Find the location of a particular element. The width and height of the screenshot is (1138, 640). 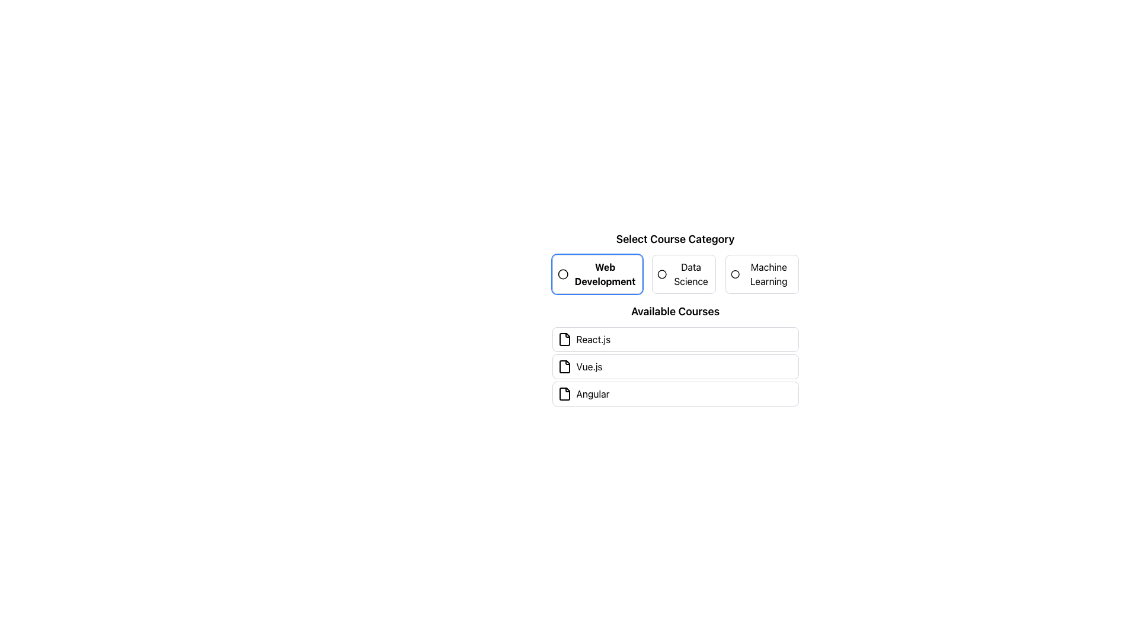

the 'Angular' course text label within the course selection item is located at coordinates (592, 393).